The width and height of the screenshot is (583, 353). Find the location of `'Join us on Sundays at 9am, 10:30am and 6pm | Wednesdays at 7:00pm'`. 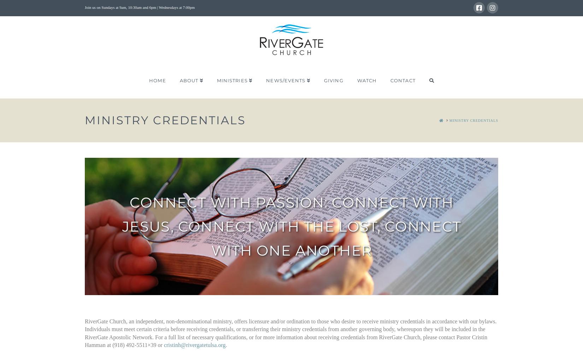

'Join us on Sundays at 9am, 10:30am and 6pm | Wednesdays at 7:00pm' is located at coordinates (140, 7).